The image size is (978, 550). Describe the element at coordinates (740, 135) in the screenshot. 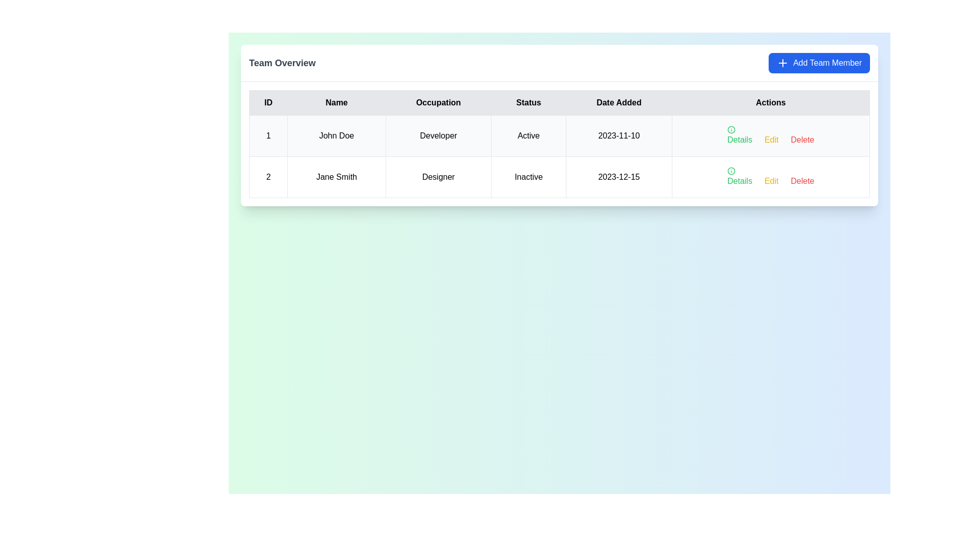

I see `the interactive Button in the 'Actions' column of the table to activate its hover effect` at that location.